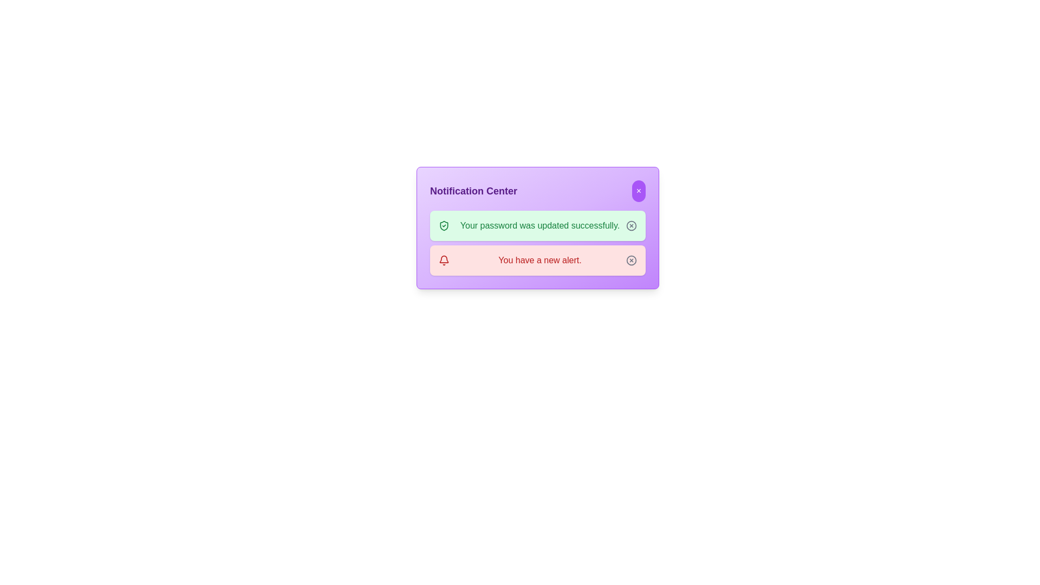 This screenshot has height=585, width=1040. I want to click on the confirmation success icon located to the left of the notification message 'Your password was updated successfully' in the Notification Center UI component, so click(444, 225).